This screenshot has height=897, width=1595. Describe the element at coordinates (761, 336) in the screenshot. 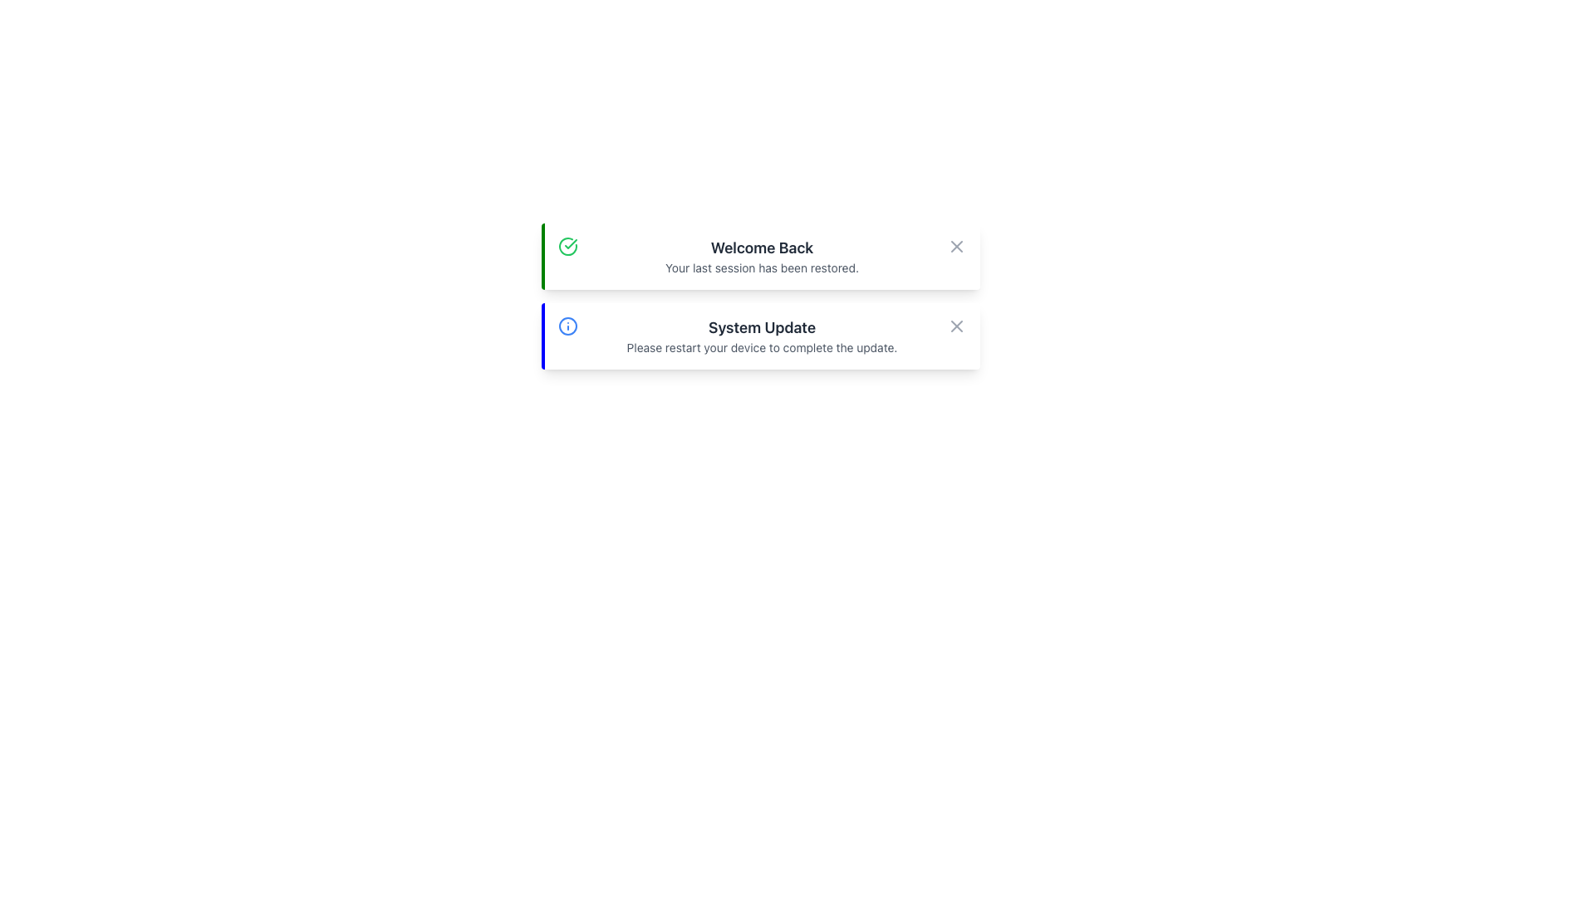

I see `the textual notification displaying 'System Update' with a subtitle to restart the device, located centrally within a notification card` at that location.